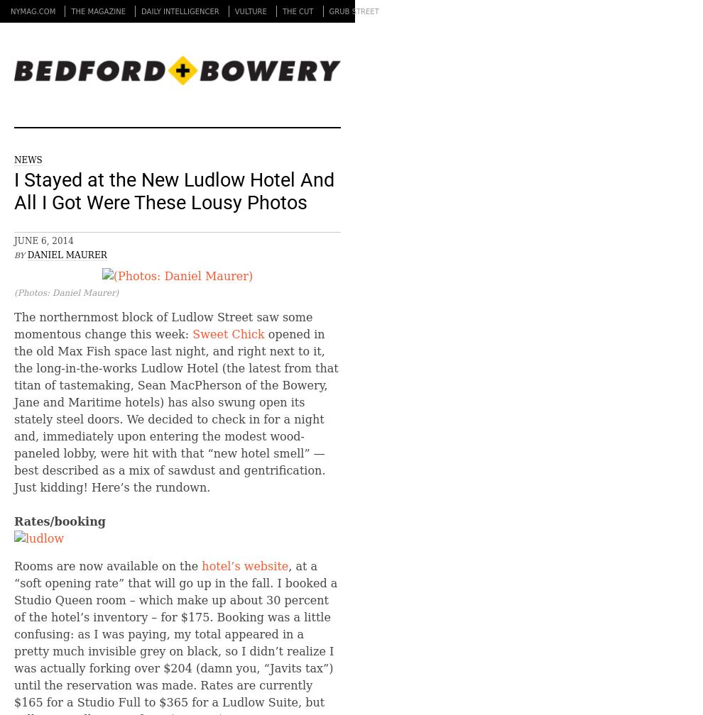 Image resolution: width=703 pixels, height=715 pixels. What do you see at coordinates (107, 565) in the screenshot?
I see `'Rooms are now available on the'` at bounding box center [107, 565].